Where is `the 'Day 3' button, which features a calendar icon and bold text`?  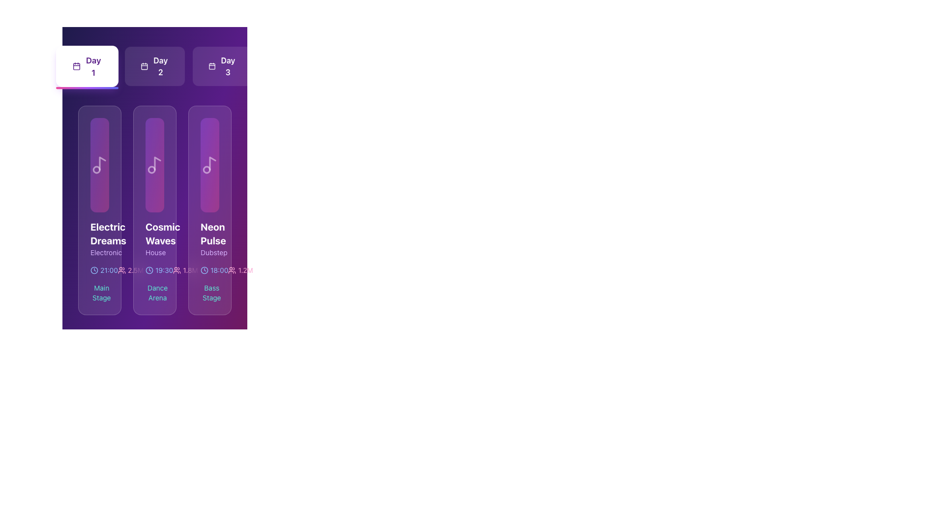 the 'Day 3' button, which features a calendar icon and bold text is located at coordinates (222, 66).